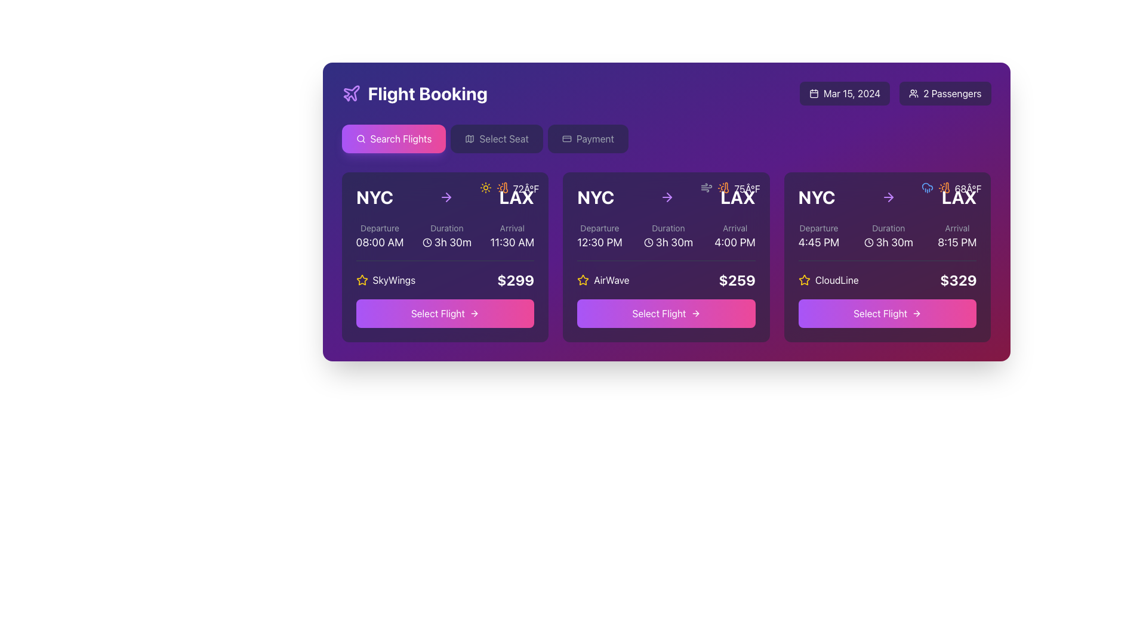 The width and height of the screenshot is (1146, 644). What do you see at coordinates (401, 138) in the screenshot?
I see `the 'Search Flights' button, which is a text label with a gradient background and white text, to initiate a flight search` at bounding box center [401, 138].